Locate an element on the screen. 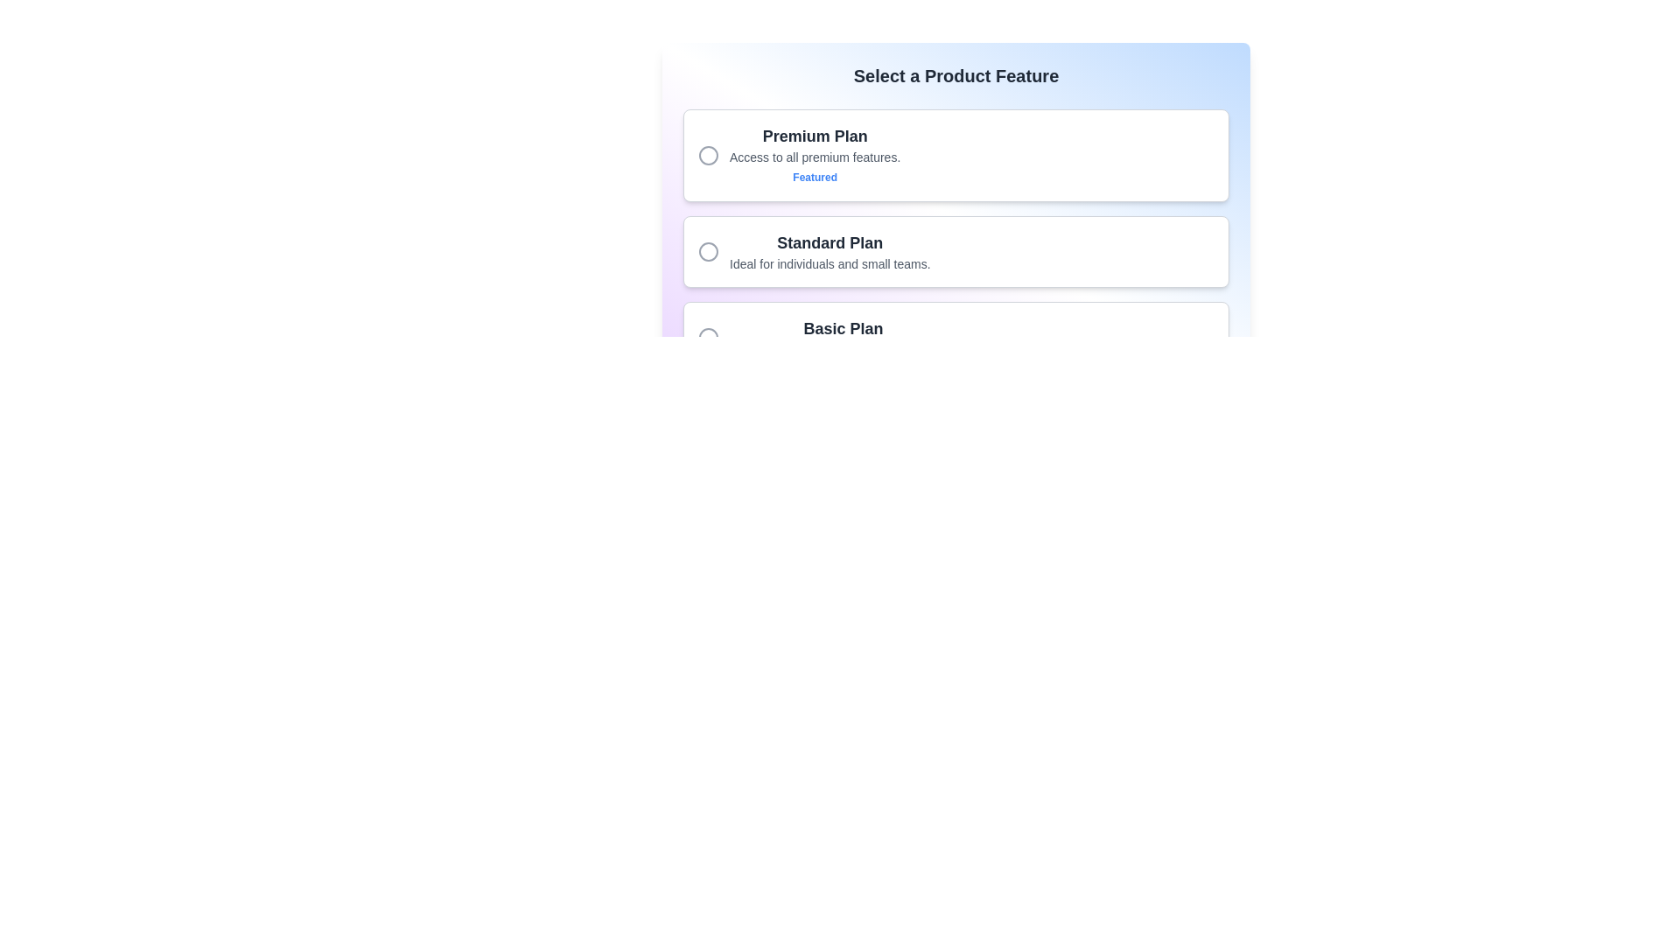 The width and height of the screenshot is (1680, 945). the radio button for the 'Premium Plan' is located at coordinates (709, 154).